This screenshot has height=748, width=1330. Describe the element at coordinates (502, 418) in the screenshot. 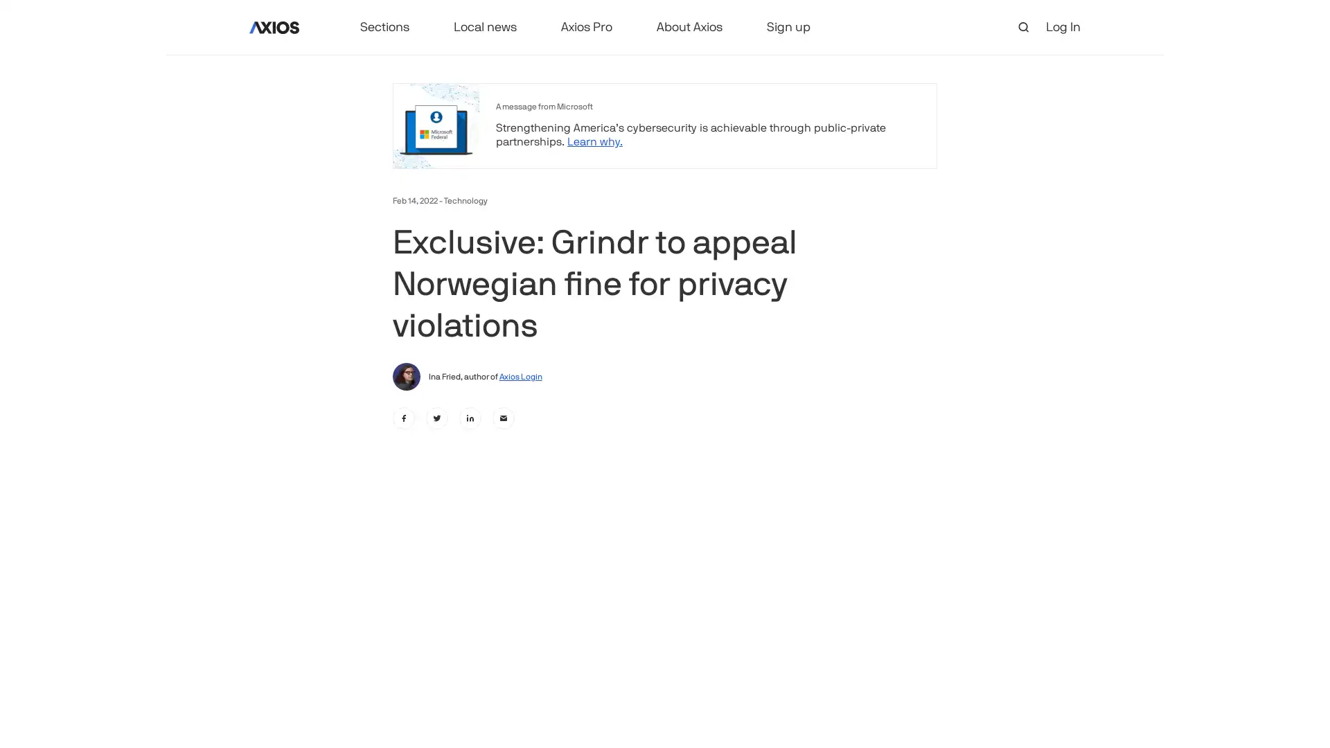

I see `email` at that location.